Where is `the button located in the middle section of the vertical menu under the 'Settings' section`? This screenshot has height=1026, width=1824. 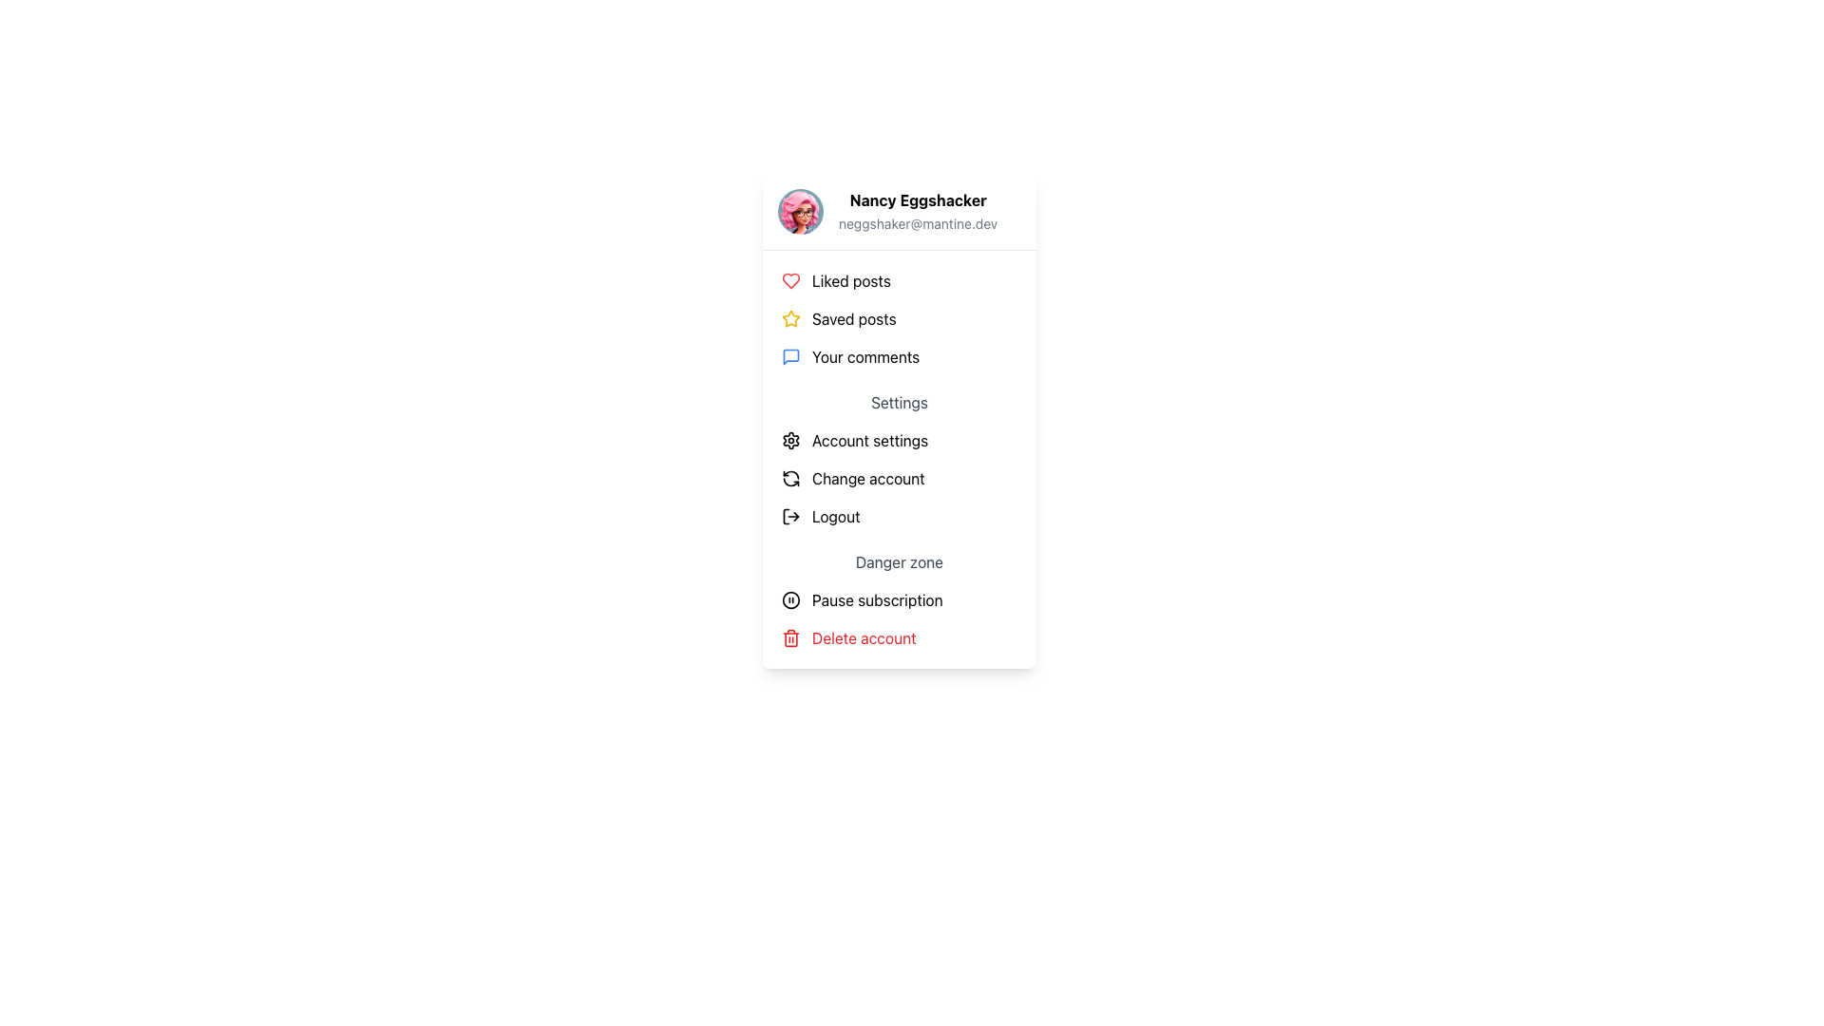
the button located in the middle section of the vertical menu under the 'Settings' section is located at coordinates (898, 440).